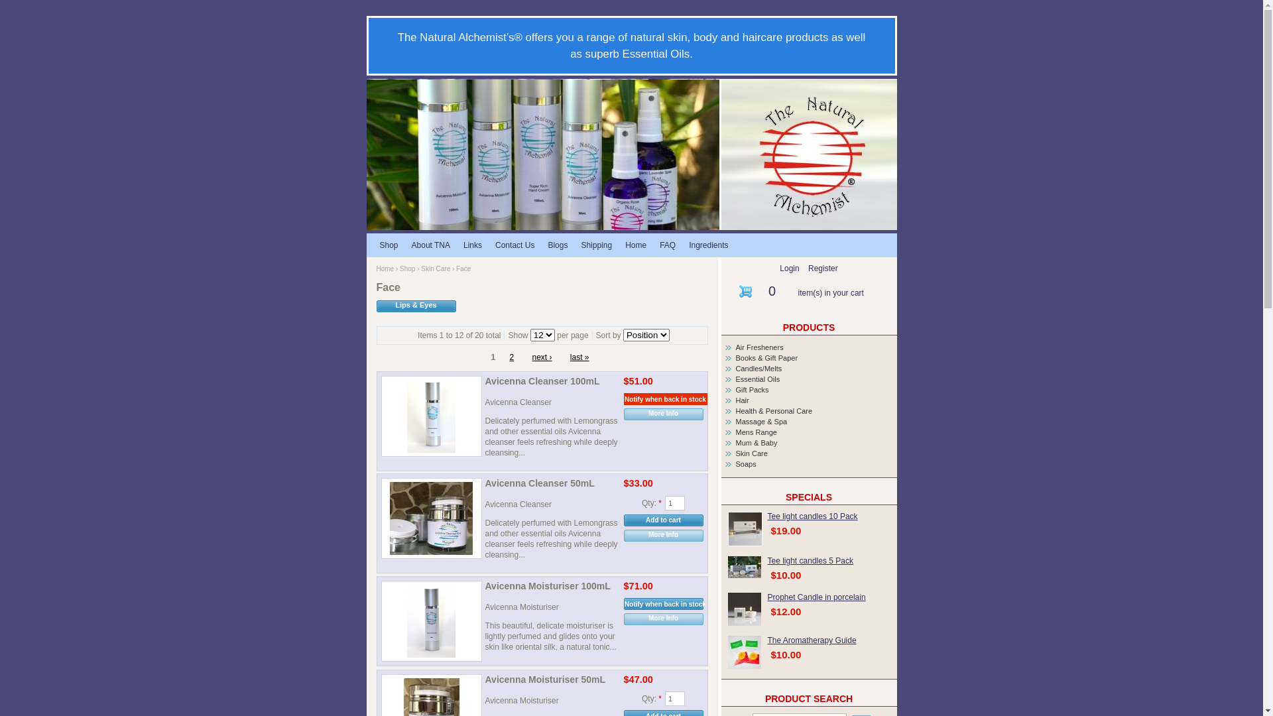  I want to click on 'Notify when back in stock', so click(623, 603).